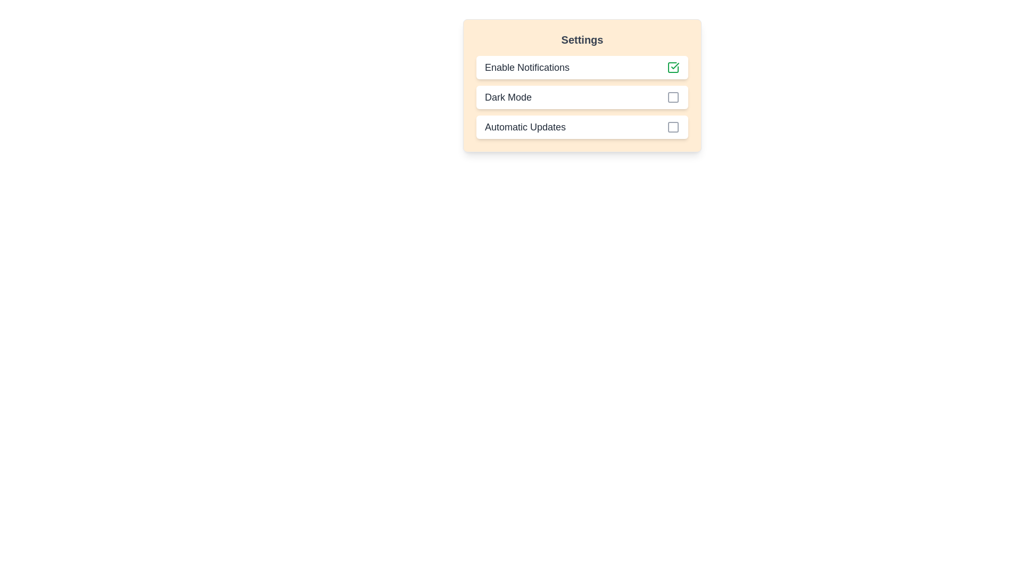  What do you see at coordinates (508, 97) in the screenshot?
I see `the 'Dark Mode' text label in the settings menu, which is styled in gray and is the second item in a vertical list of options` at bounding box center [508, 97].